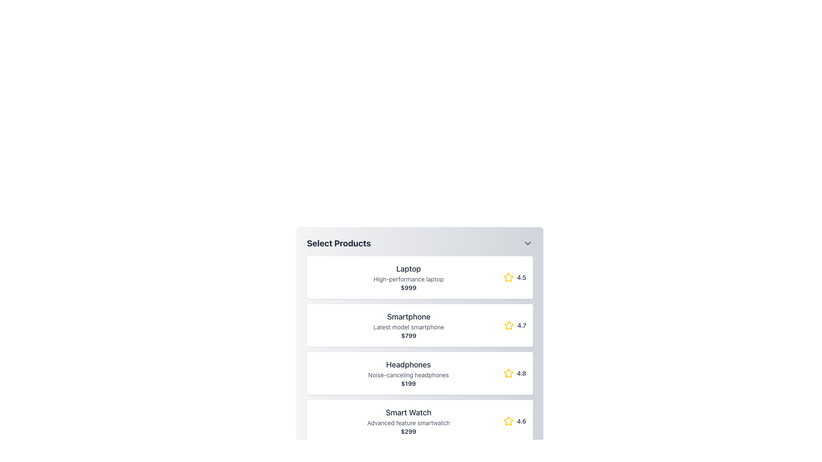  I want to click on the star icon representing the rating for the 'Smart Watch' product, which indicates a user rating of '4.6', so click(508, 421).